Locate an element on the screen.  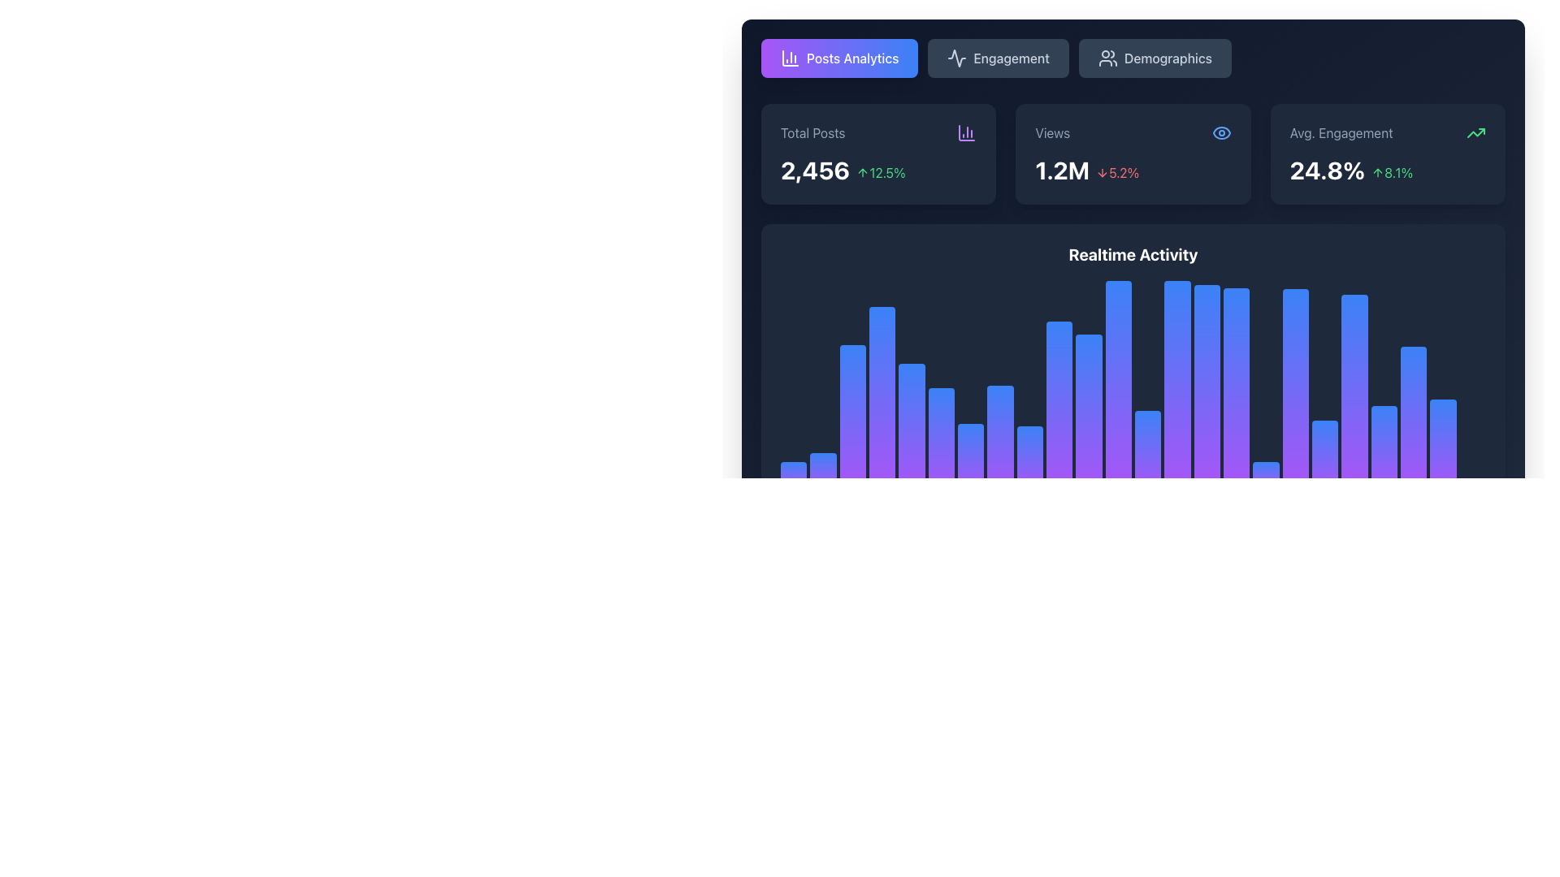
the second button in the group of three horizontally aligned buttons at the top of the page is located at coordinates (998, 58).